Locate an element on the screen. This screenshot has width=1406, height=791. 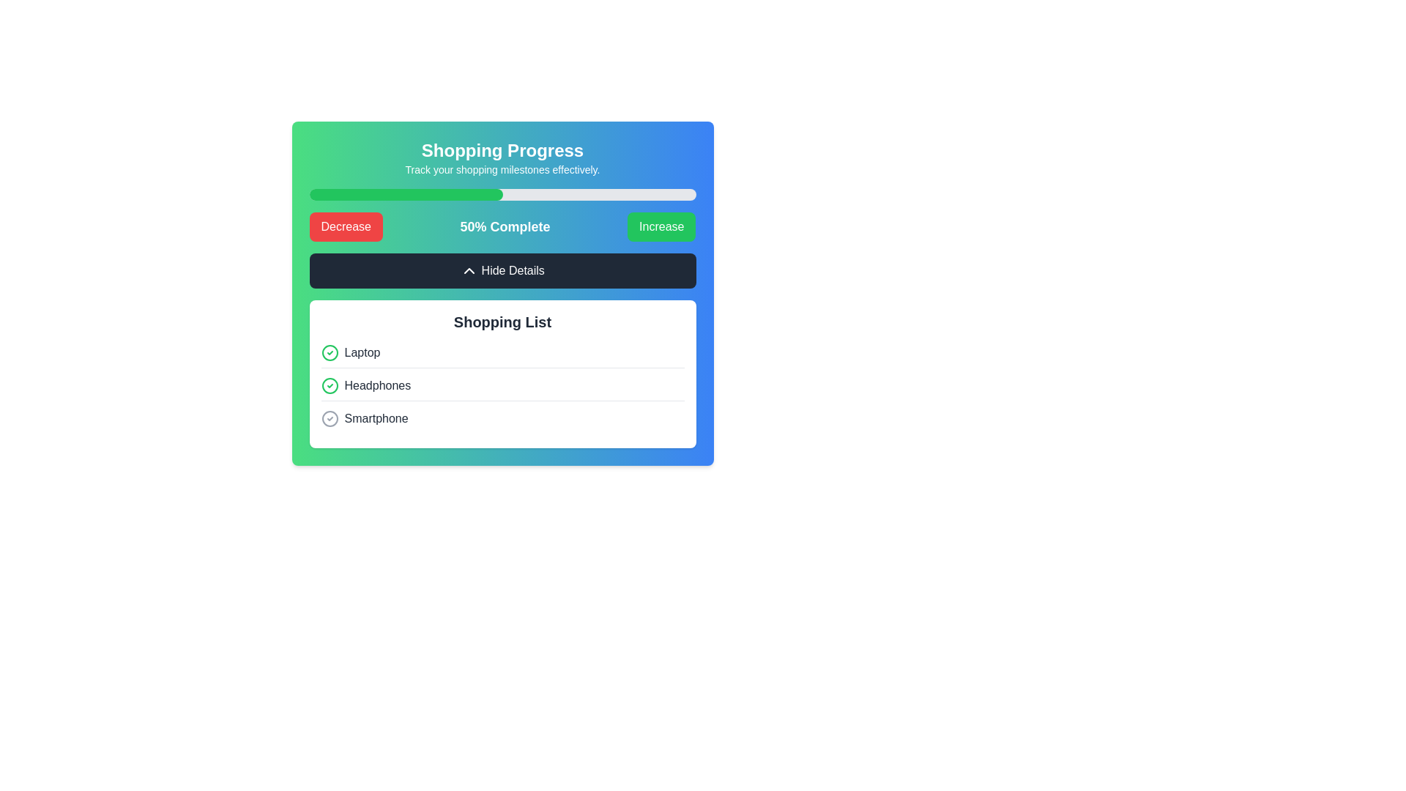
the list item entry labeled 'Laptop' by clicking on it is located at coordinates (502, 356).